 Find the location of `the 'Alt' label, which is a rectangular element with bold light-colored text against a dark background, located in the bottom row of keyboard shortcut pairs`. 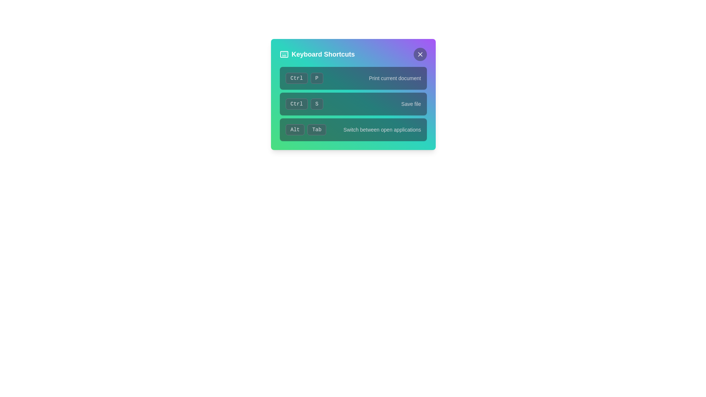

the 'Alt' label, which is a rectangular element with bold light-colored text against a dark background, located in the bottom row of keyboard shortcut pairs is located at coordinates (295, 129).